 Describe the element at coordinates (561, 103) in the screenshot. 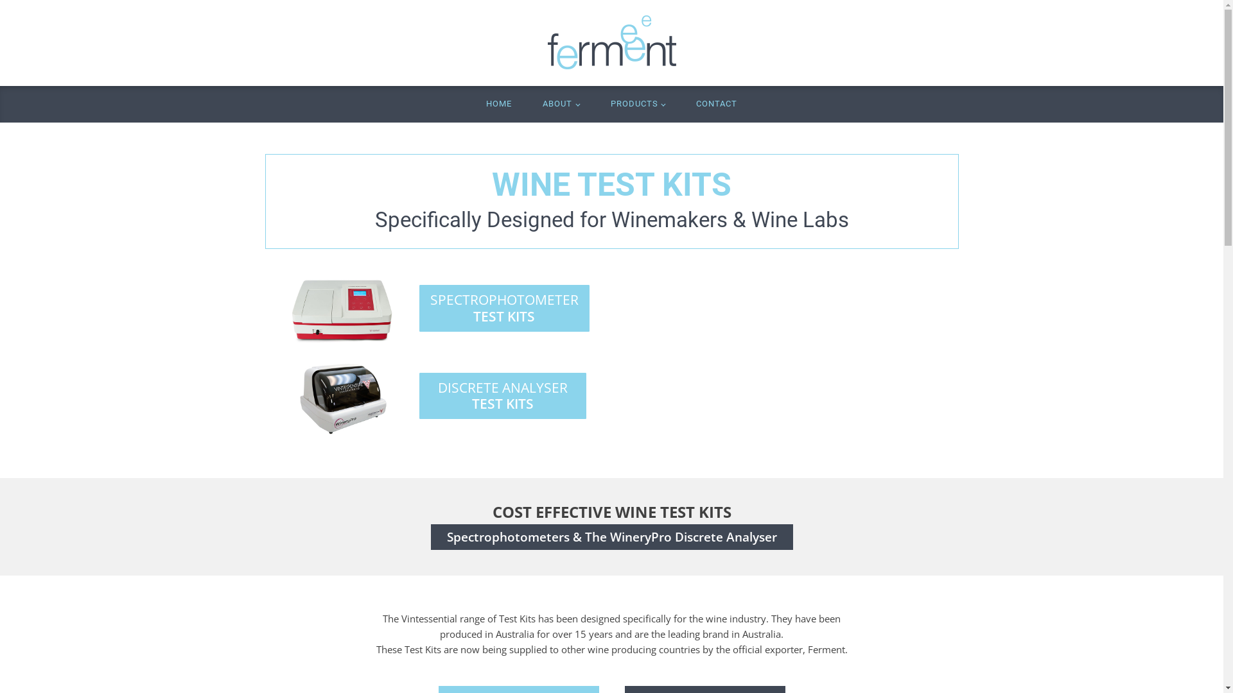

I see `'ABOUT'` at that location.